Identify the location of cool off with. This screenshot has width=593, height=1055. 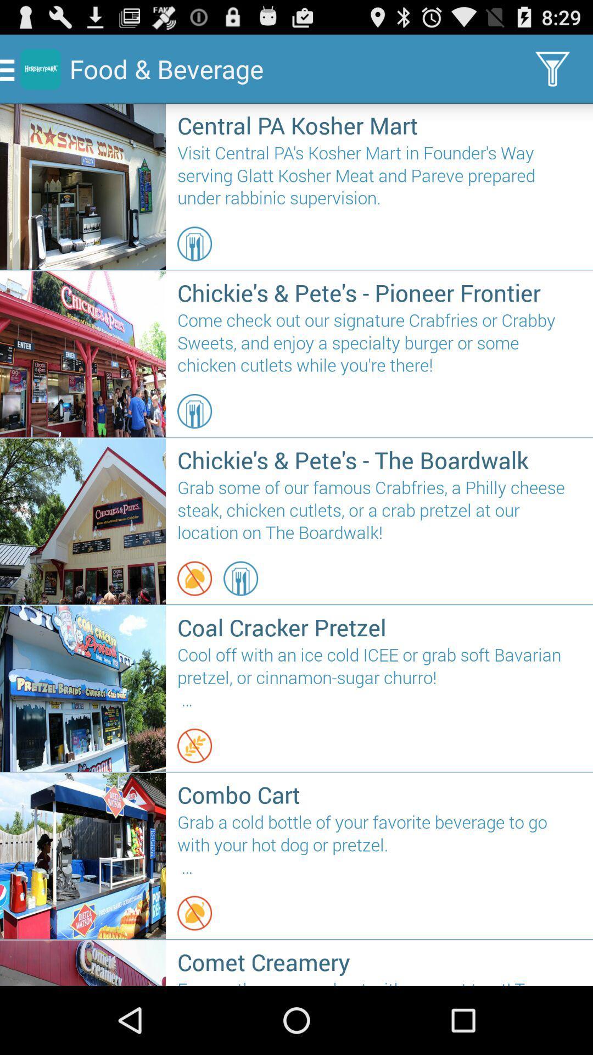
(379, 678).